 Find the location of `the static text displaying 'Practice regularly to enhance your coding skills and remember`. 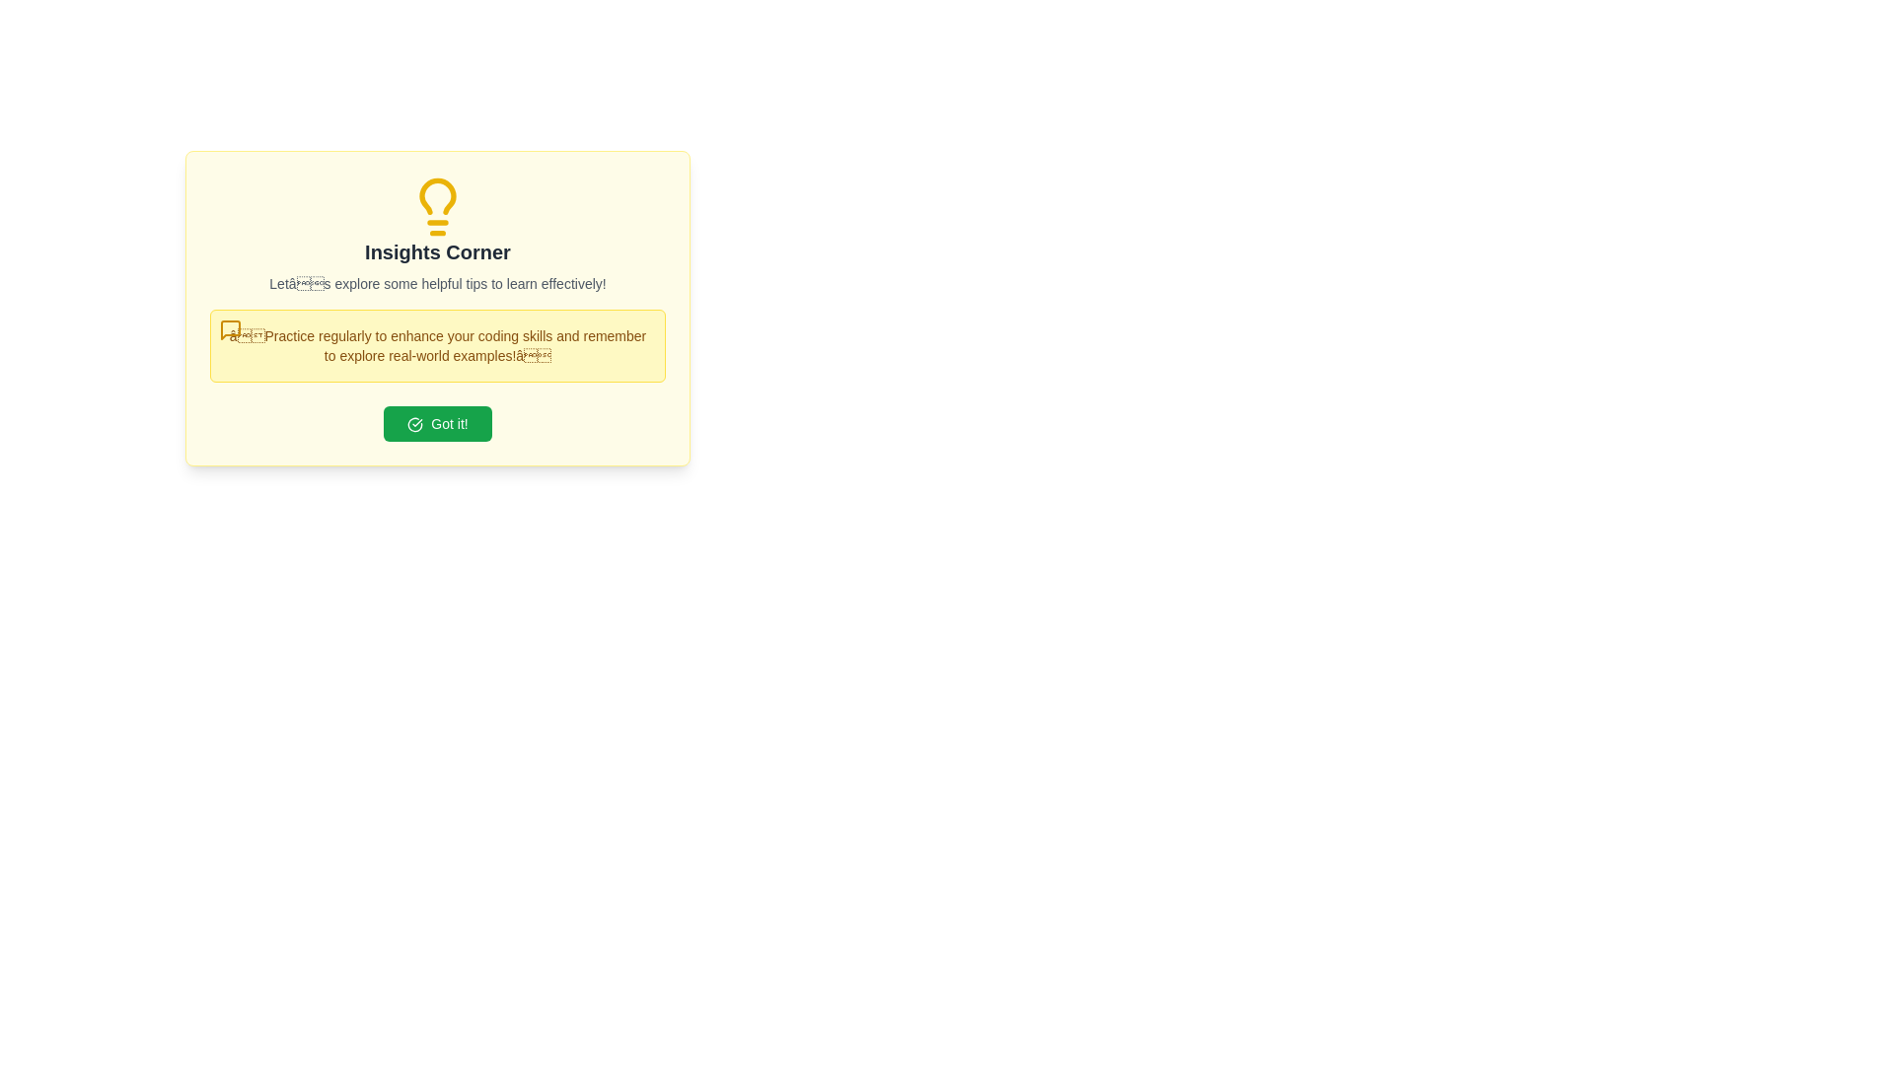

the static text displaying 'Practice regularly to enhance your coding skills and remember is located at coordinates (437, 345).